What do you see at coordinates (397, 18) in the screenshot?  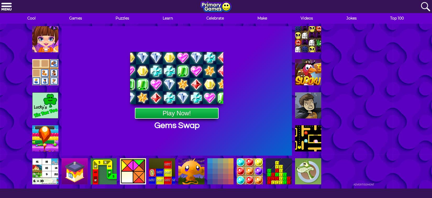 I see `'Top 100'` at bounding box center [397, 18].